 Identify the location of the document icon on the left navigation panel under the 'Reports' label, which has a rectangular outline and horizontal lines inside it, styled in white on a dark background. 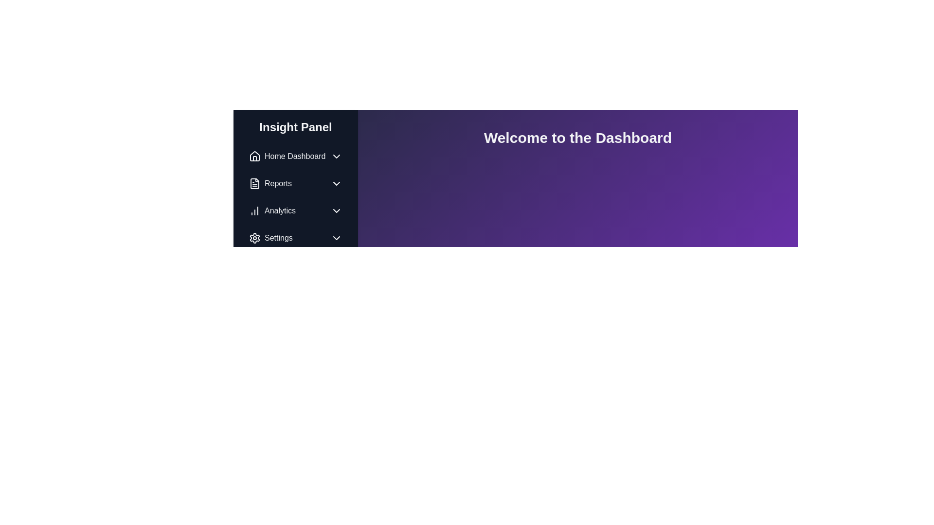
(254, 184).